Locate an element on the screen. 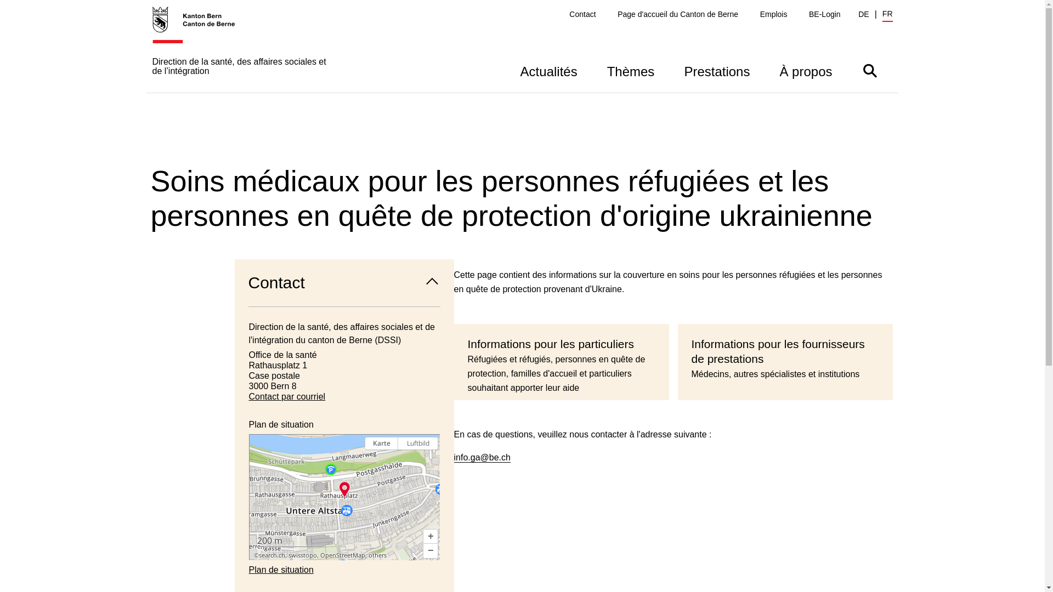 This screenshot has width=1053, height=592. 'DE' is located at coordinates (863, 14).